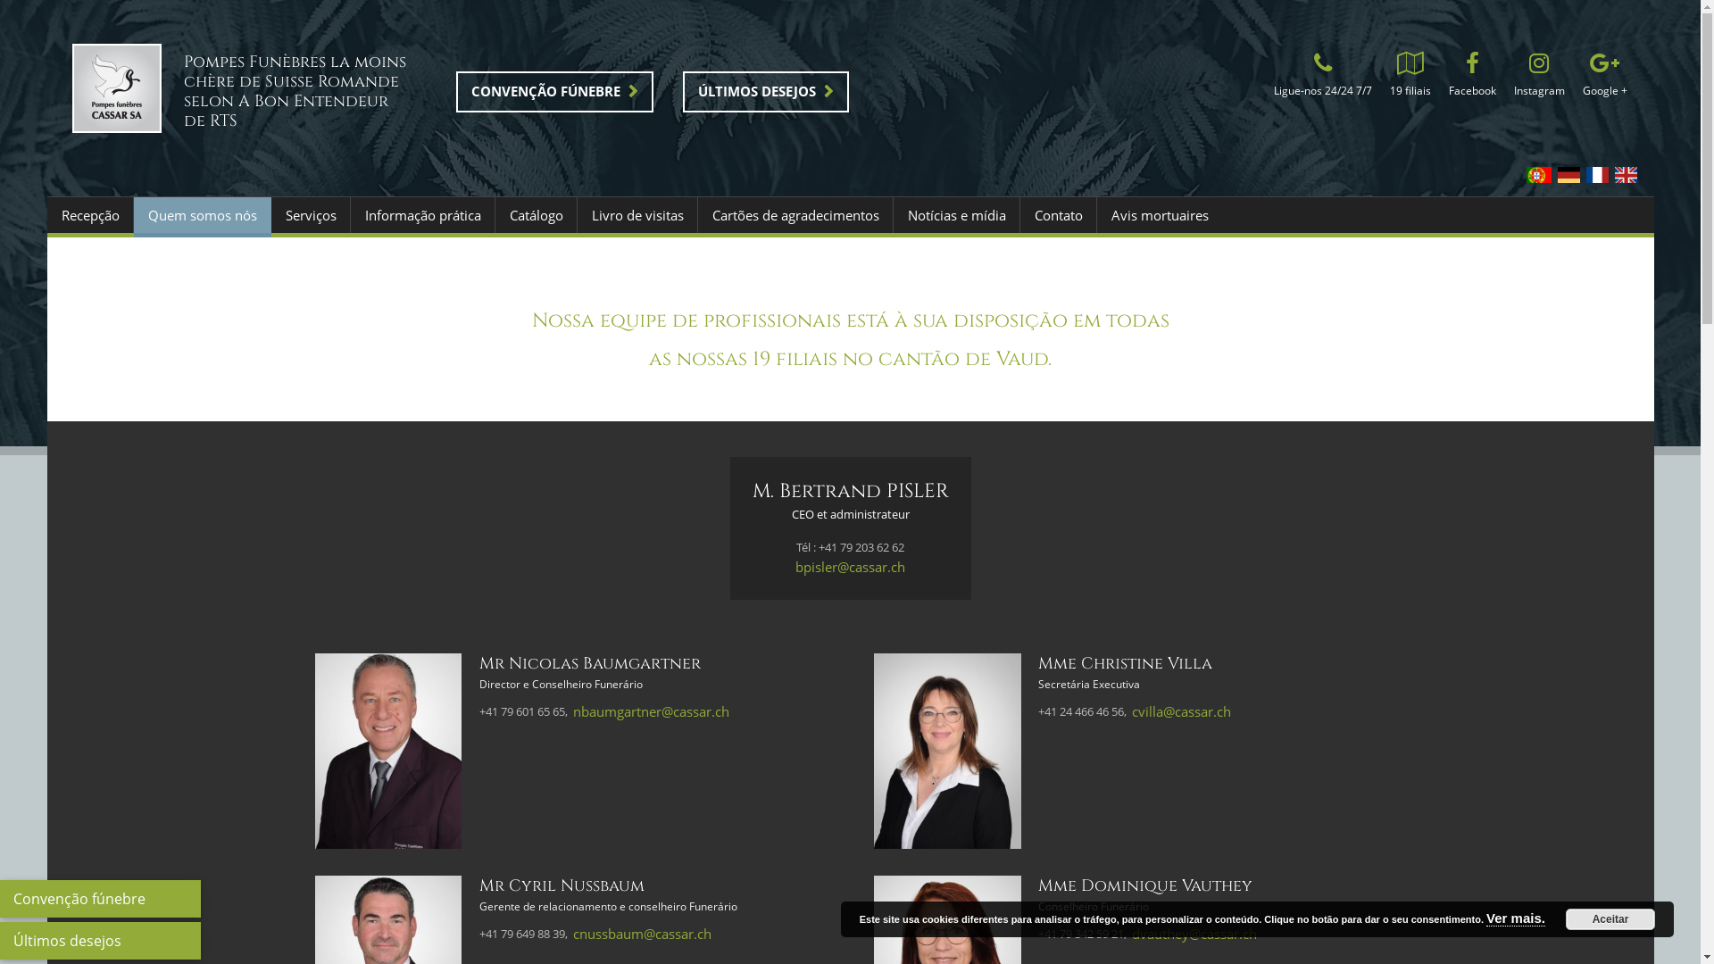  What do you see at coordinates (1538, 77) in the screenshot?
I see `'Instagram'` at bounding box center [1538, 77].